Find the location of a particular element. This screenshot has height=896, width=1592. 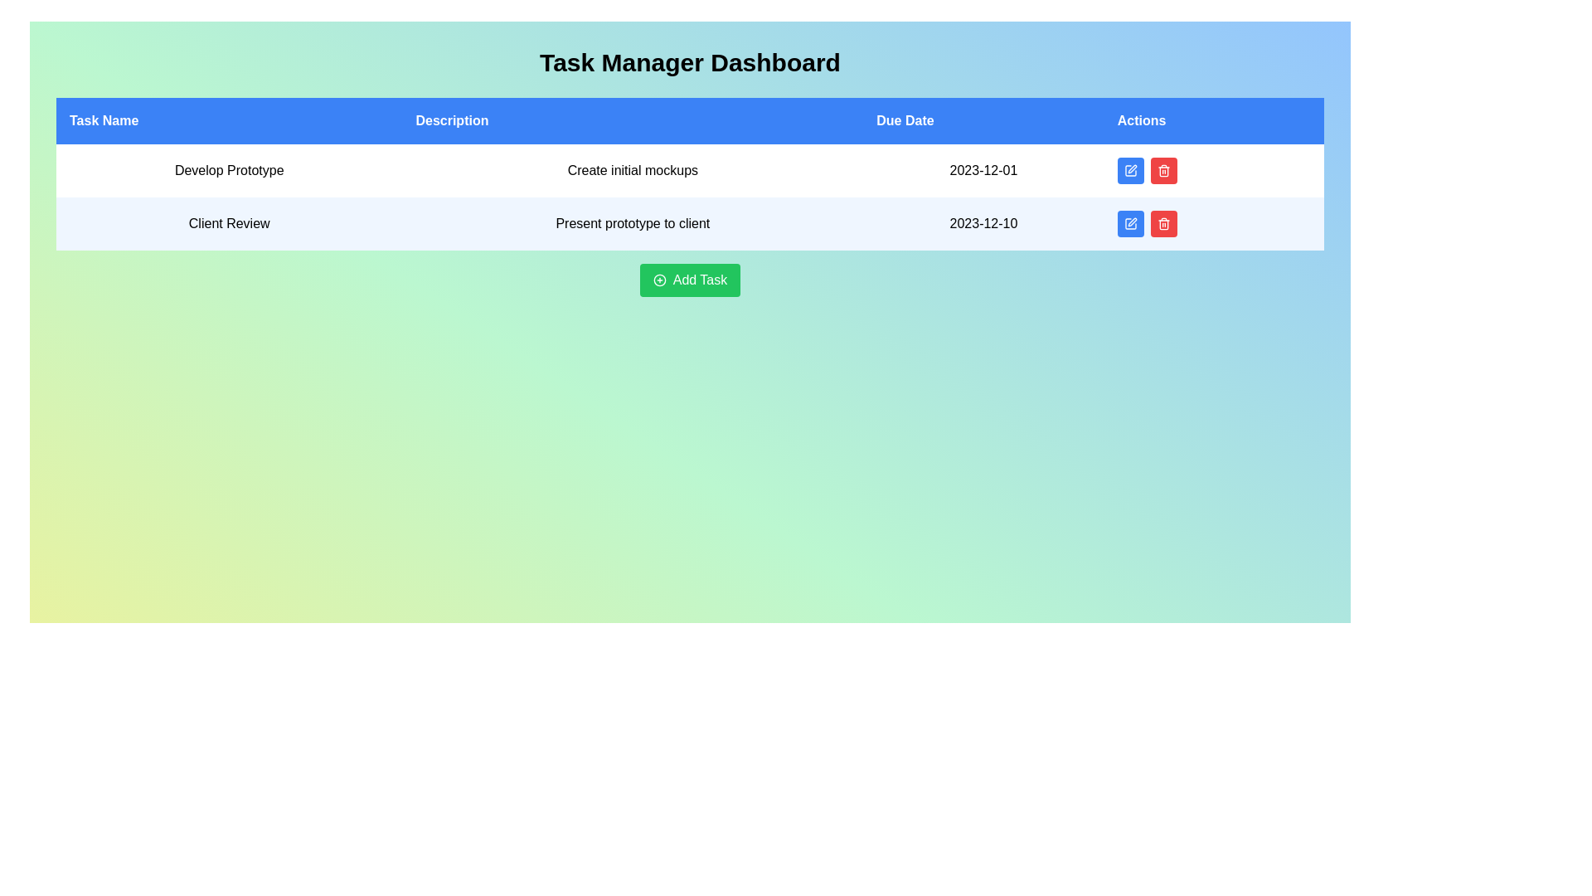

the text label displaying 'Client Review' located in the second row of the 'Task Name' column in a table, which has a light blue background and black font is located at coordinates (228, 224).